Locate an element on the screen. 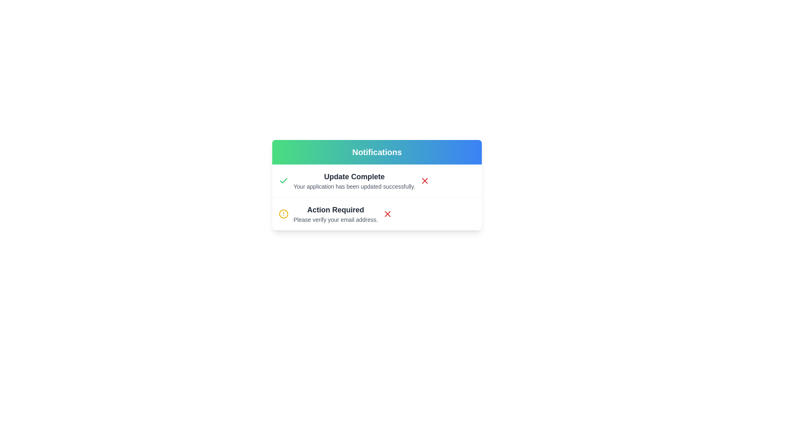 This screenshot has height=442, width=786. the success completion icon located in the notification interface, which is positioned is located at coordinates (283, 180).